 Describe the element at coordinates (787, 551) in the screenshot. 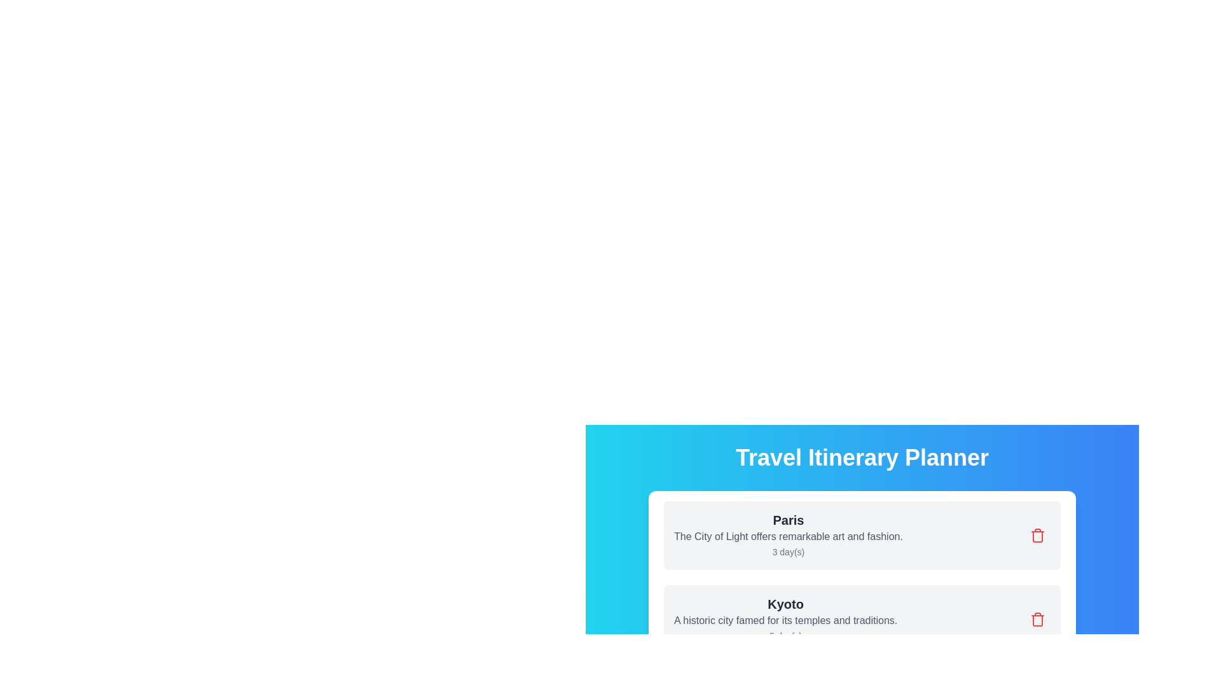

I see `the informational text label displaying the trip duration '3 day(s)' associated with the 'Paris' entry in the itinerary planner` at that location.